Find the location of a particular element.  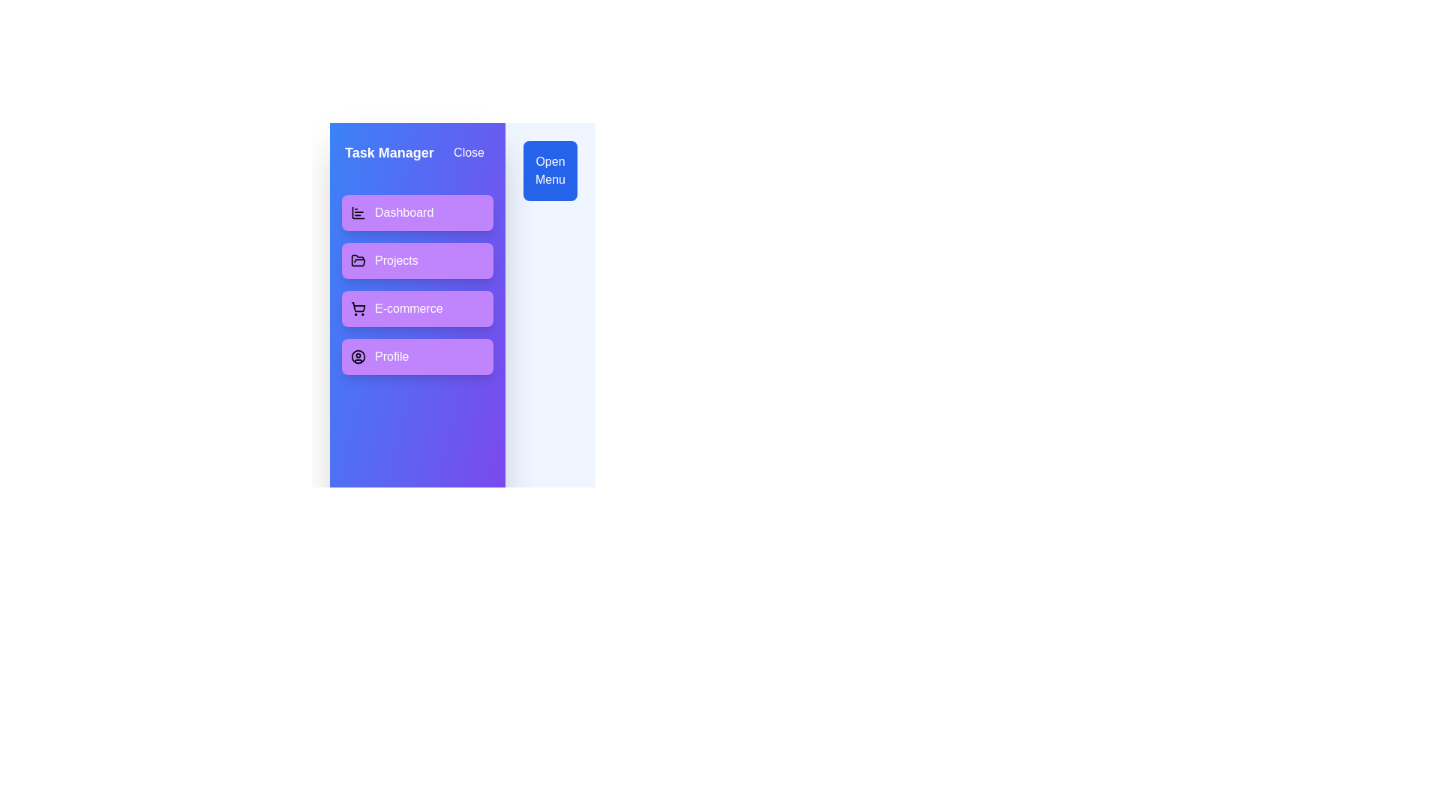

the Dashboard task item is located at coordinates (417, 213).